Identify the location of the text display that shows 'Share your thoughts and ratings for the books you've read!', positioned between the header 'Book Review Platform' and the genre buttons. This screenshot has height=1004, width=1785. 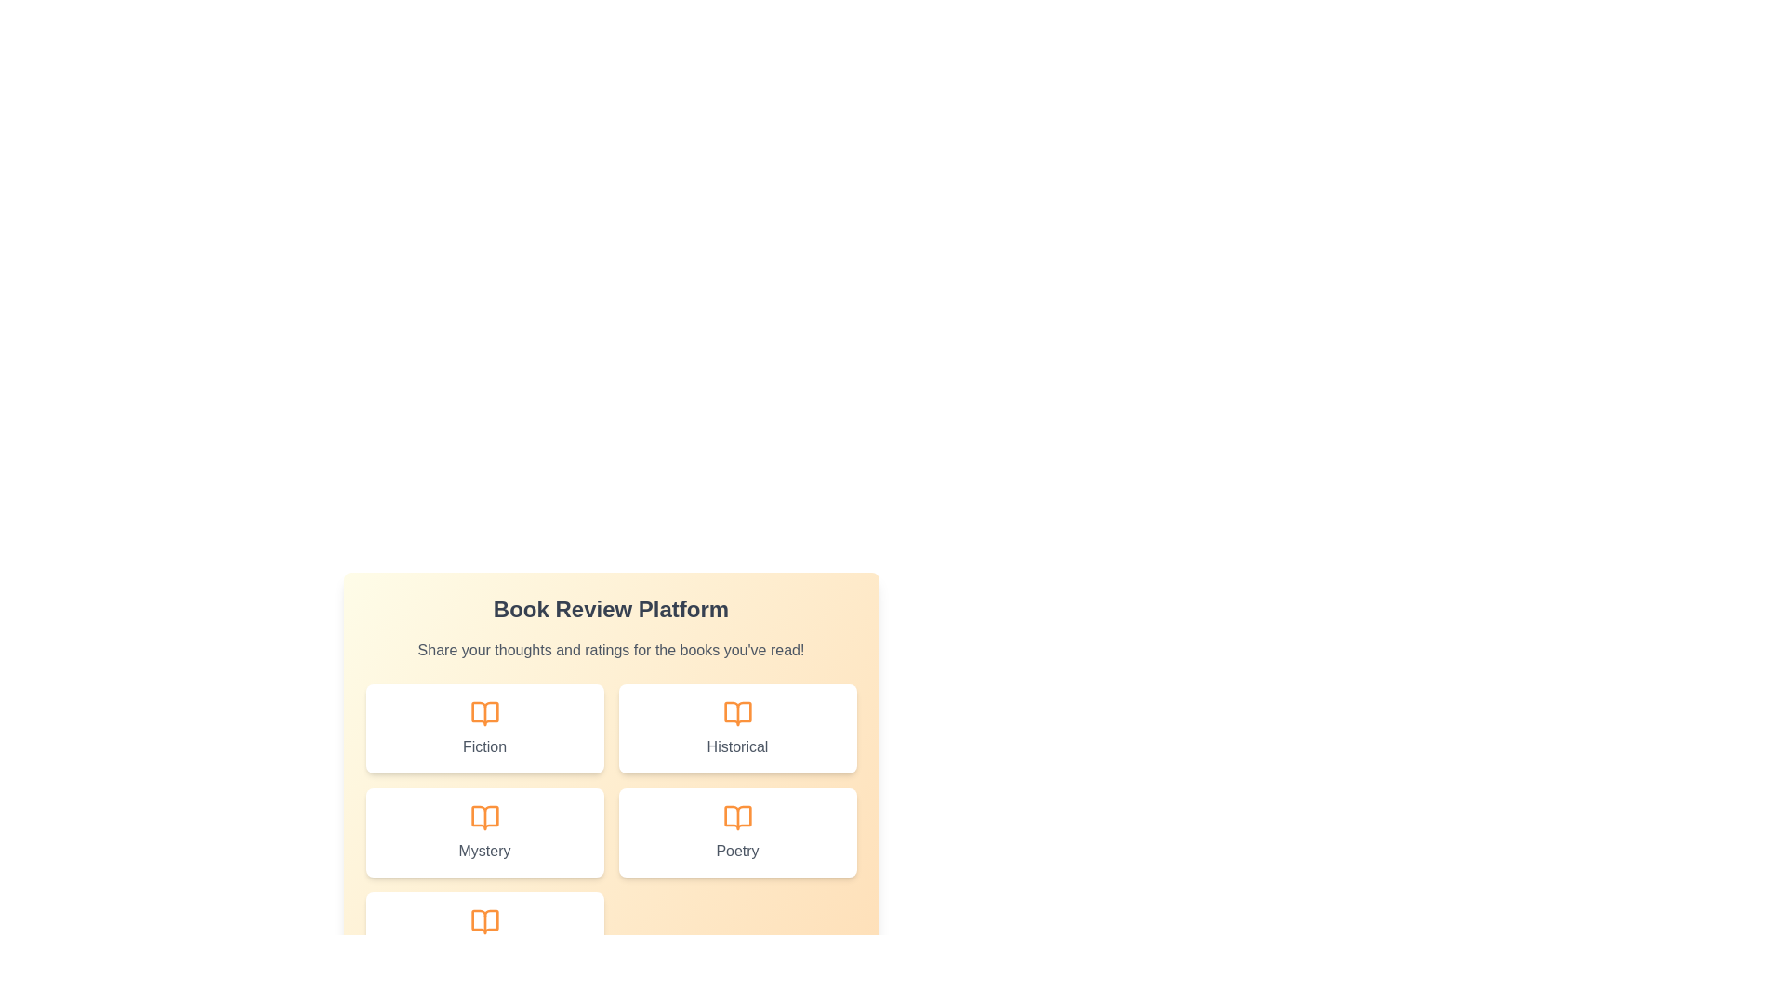
(611, 649).